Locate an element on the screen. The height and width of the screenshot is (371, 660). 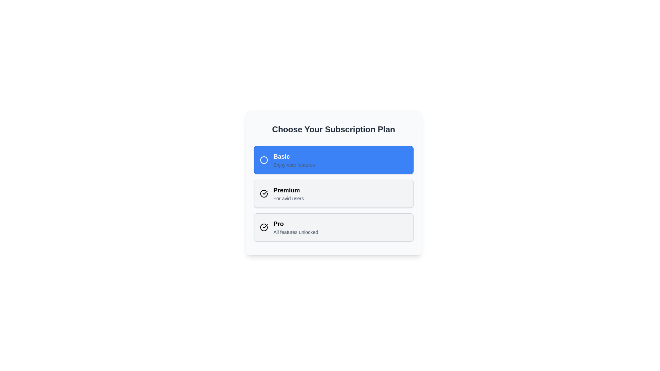
the 'Premium' text block, which is styled with two lines, the first reading 'Premium' in bold and larger font, and the second 'For avid users' in smaller, lighter font, located in the second option card of the subscription plan interface is located at coordinates (288, 193).